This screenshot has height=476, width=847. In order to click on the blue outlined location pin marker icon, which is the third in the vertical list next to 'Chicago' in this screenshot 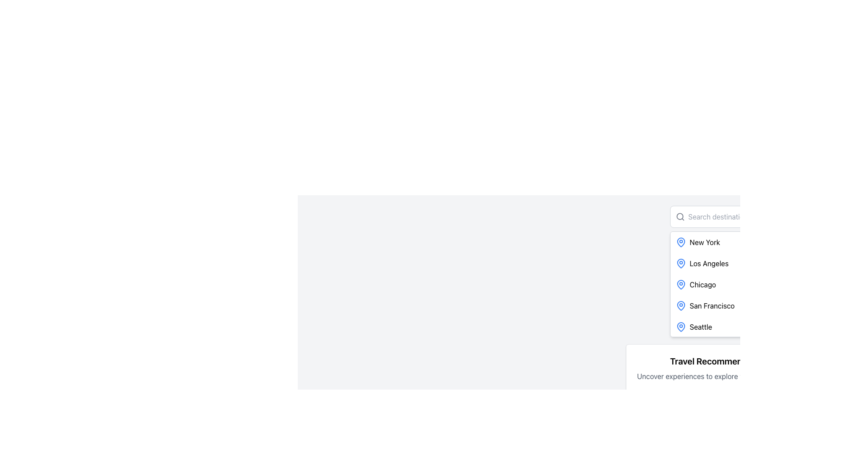, I will do `click(680, 284)`.